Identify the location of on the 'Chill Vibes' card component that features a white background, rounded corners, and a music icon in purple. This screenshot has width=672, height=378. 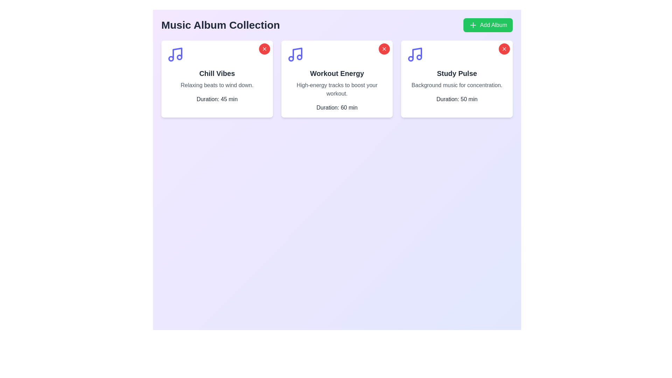
(217, 79).